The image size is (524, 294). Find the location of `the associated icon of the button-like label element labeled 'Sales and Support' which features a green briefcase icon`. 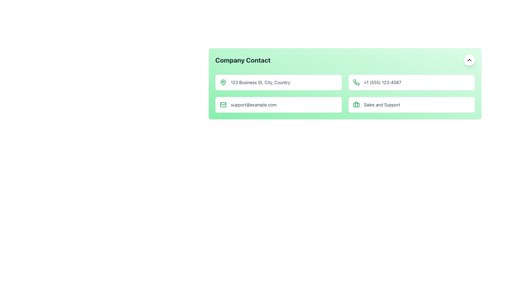

the associated icon of the button-like label element labeled 'Sales and Support' which features a green briefcase icon is located at coordinates (412, 105).